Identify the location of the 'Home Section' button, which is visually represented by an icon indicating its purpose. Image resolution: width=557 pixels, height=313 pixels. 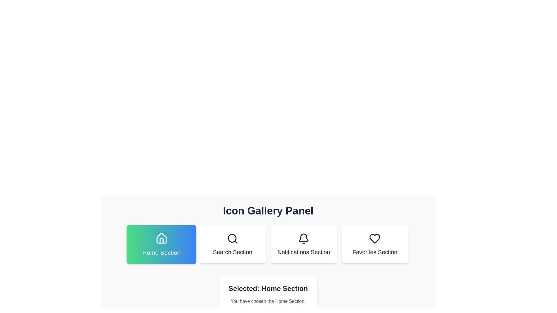
(161, 238).